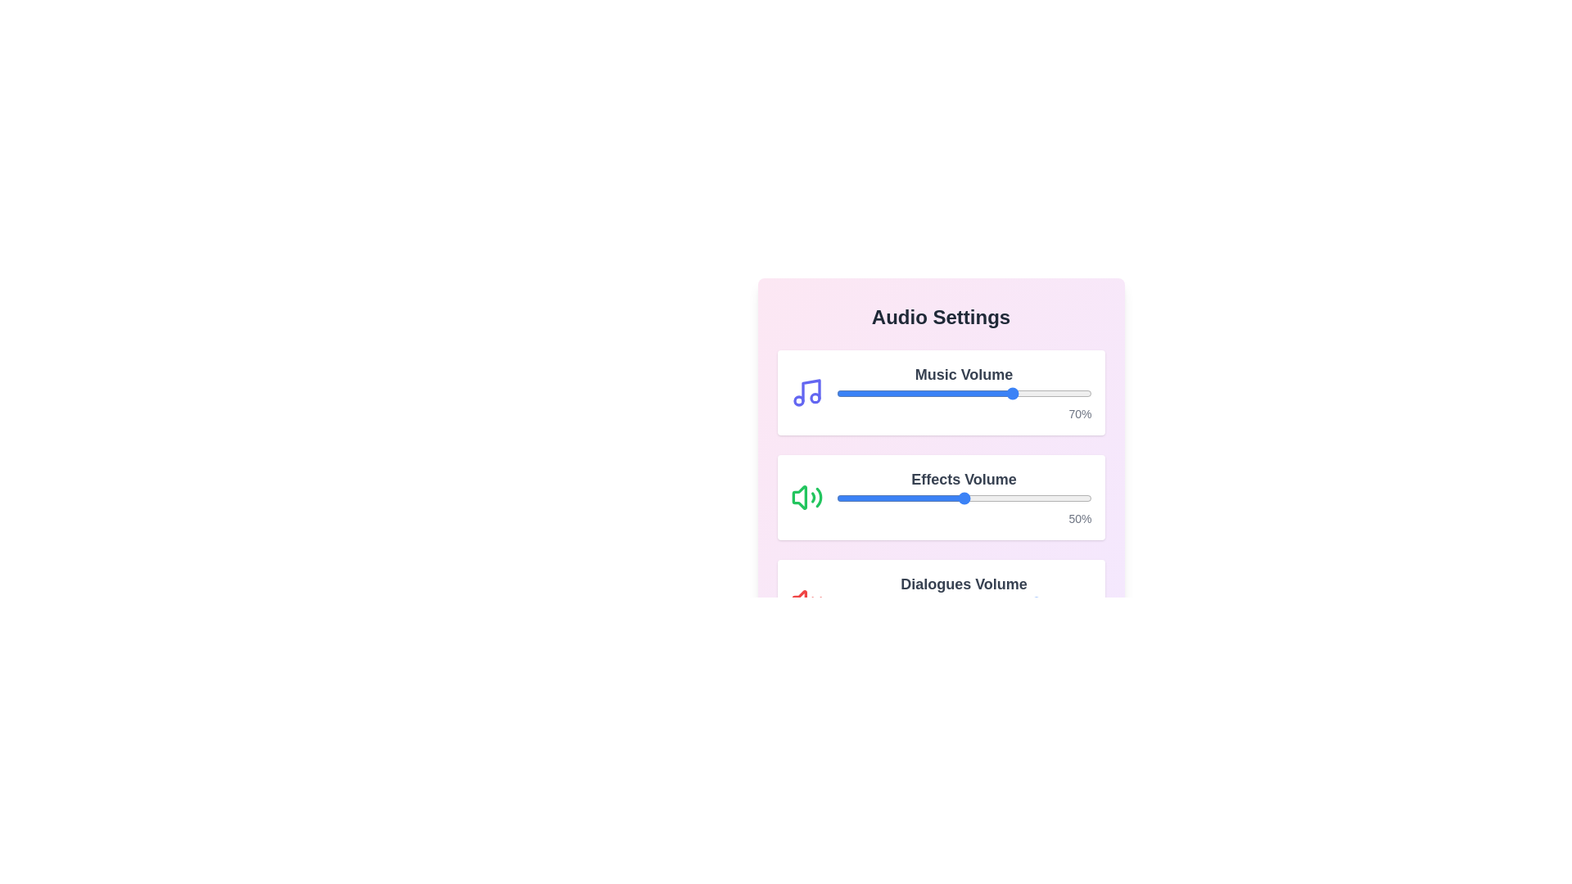 The height and width of the screenshot is (884, 1572). Describe the element at coordinates (886, 394) in the screenshot. I see `the music volume slider to 20%` at that location.